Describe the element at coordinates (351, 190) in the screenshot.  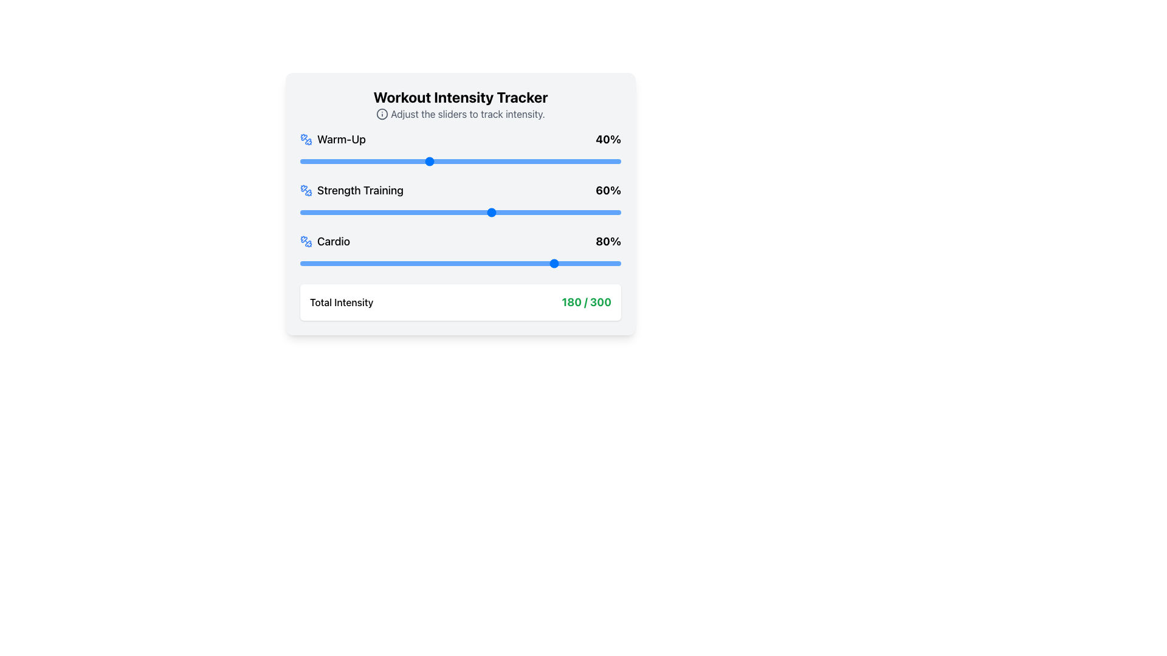
I see `the 'Strength Training' text label with a dumbbell icon, which is the second label in a vertical list of options` at that location.